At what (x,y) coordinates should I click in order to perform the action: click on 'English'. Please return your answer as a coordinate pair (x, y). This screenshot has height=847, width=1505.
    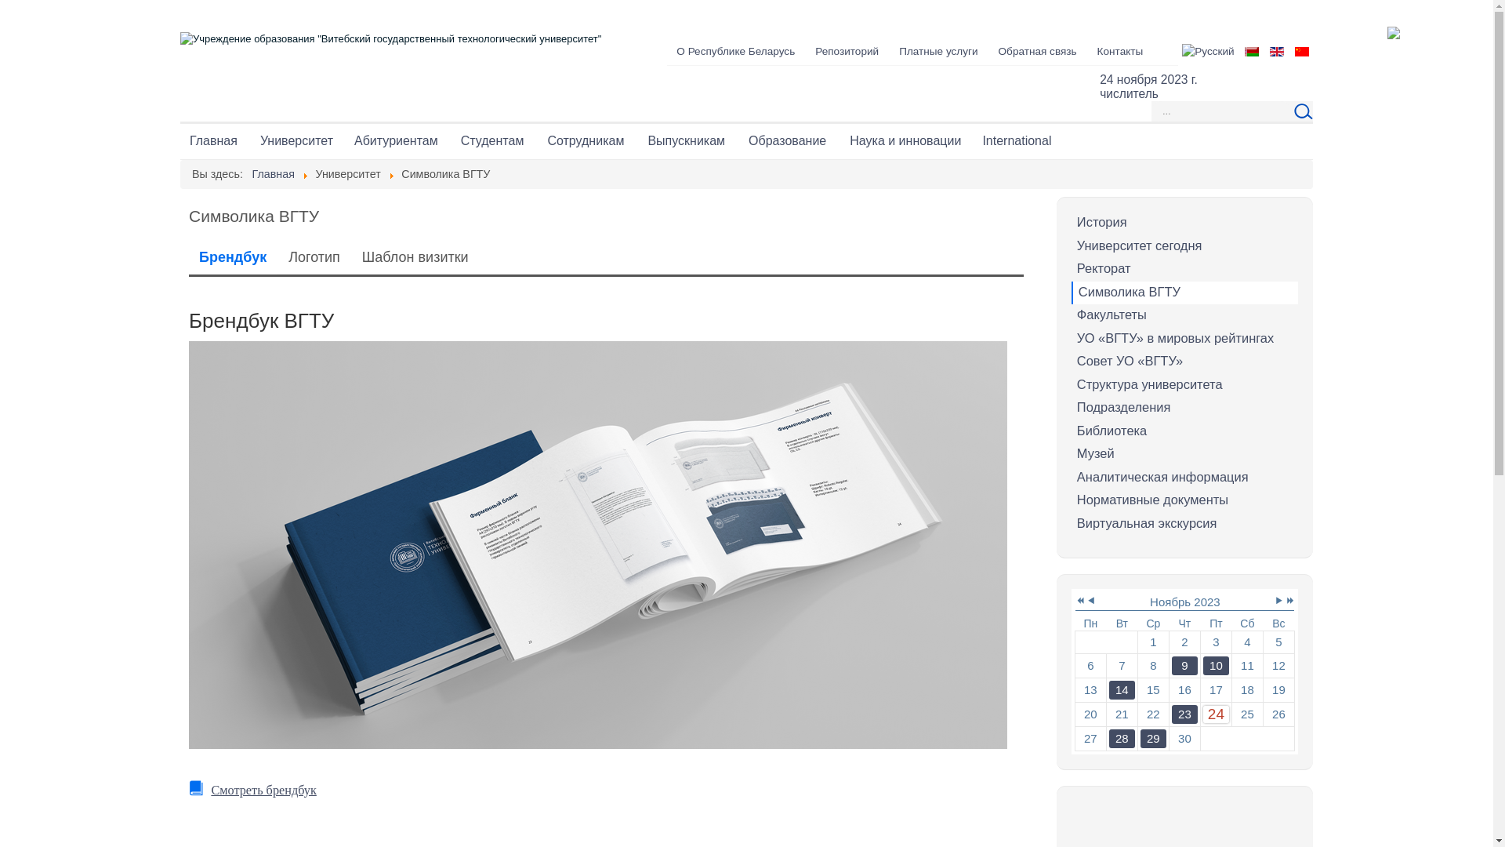
    Looking at the image, I should click on (1276, 50).